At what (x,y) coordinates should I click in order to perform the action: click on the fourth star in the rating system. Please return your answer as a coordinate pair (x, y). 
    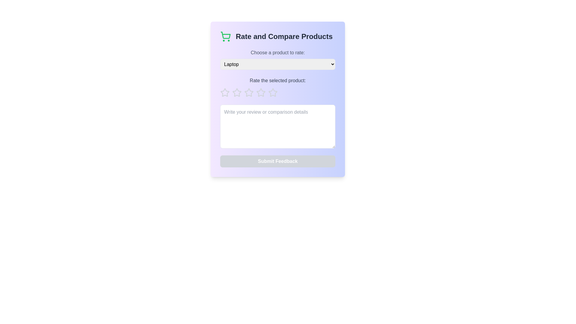
    Looking at the image, I should click on (261, 92).